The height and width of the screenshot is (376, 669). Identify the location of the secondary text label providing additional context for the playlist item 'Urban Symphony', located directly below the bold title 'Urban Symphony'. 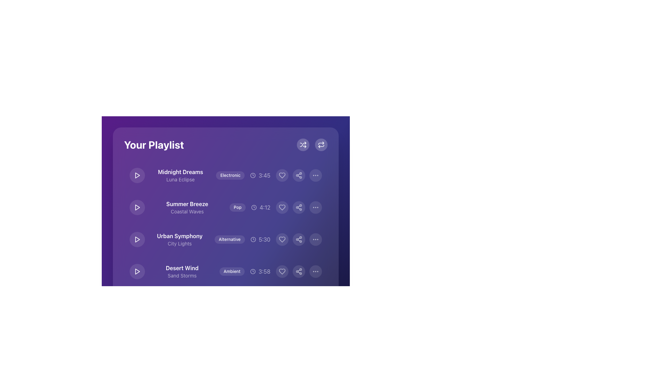
(179, 243).